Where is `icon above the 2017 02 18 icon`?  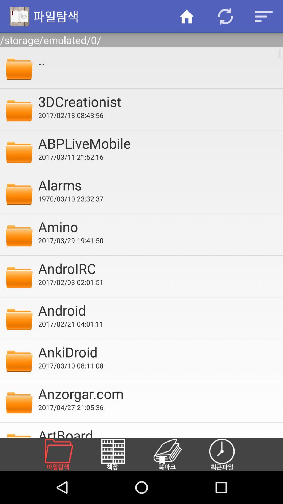 icon above the 2017 02 18 icon is located at coordinates (157, 101).